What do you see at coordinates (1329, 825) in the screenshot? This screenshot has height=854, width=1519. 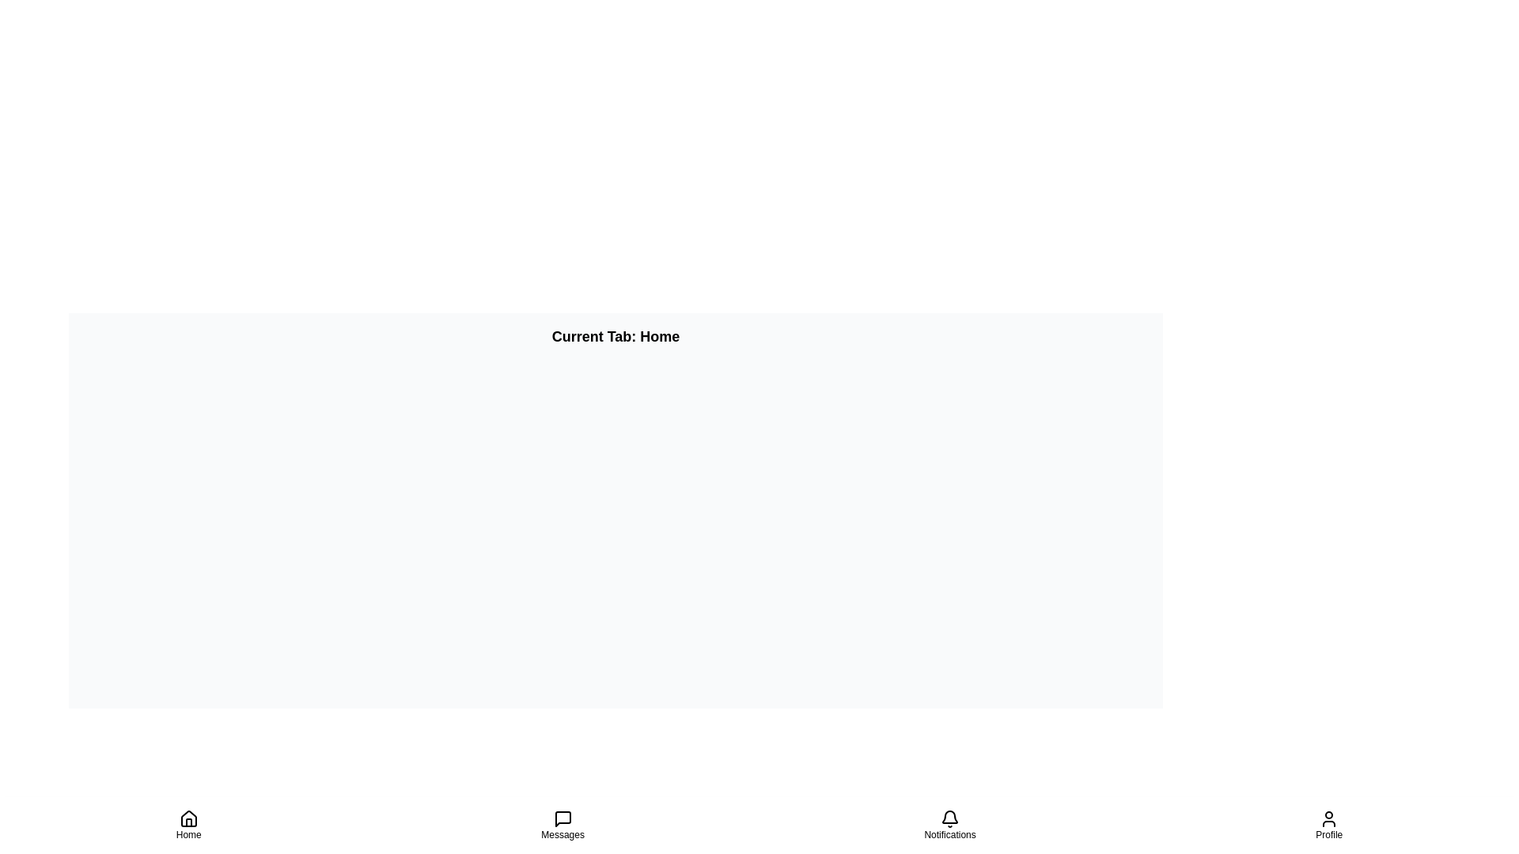 I see `the 'Profile' button located at the bottom right of the navigation bar` at bounding box center [1329, 825].